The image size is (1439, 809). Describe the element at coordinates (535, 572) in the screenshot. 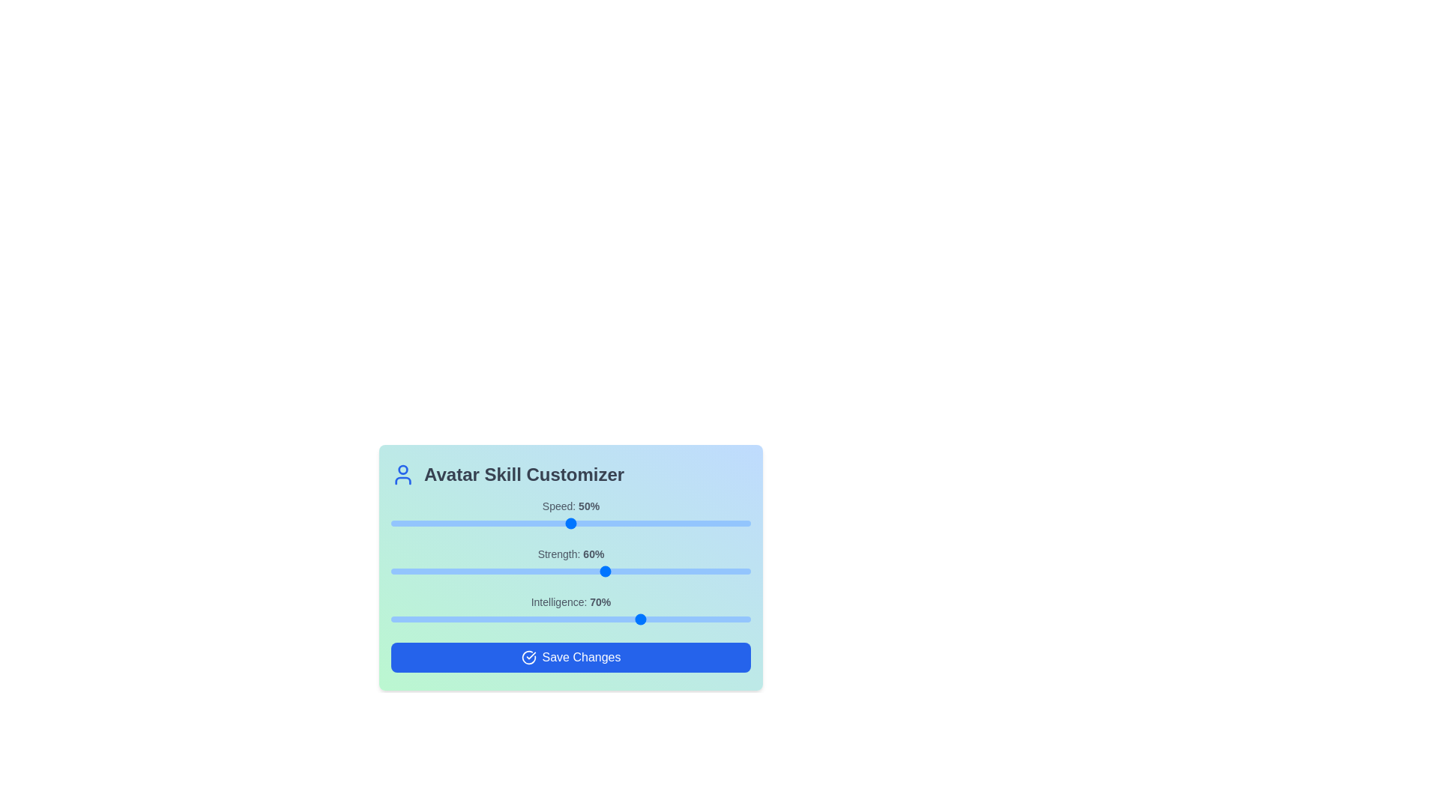

I see `strength` at that location.